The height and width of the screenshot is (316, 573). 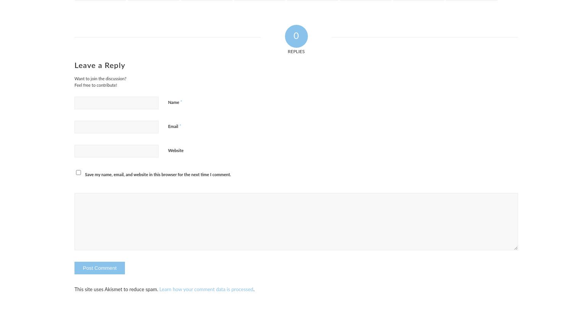 I want to click on 'Name', so click(x=173, y=102).